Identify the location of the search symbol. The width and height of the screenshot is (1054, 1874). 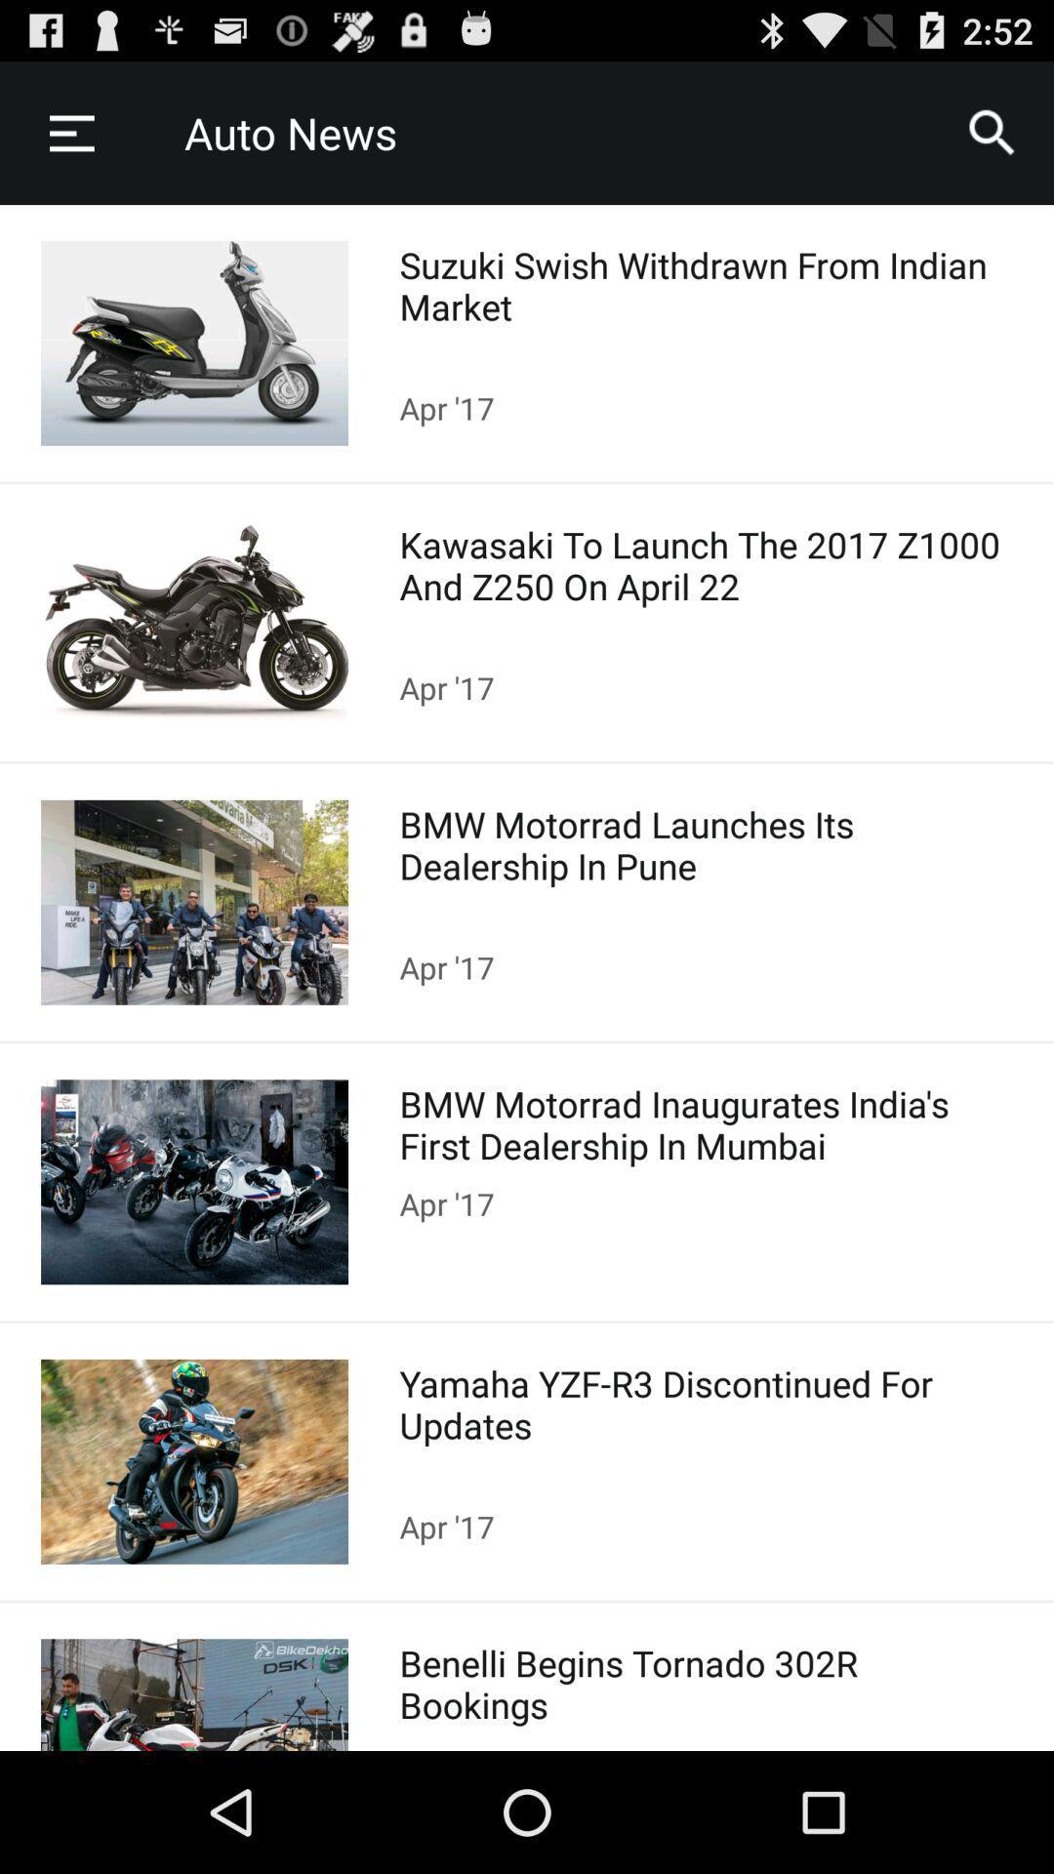
(993, 133).